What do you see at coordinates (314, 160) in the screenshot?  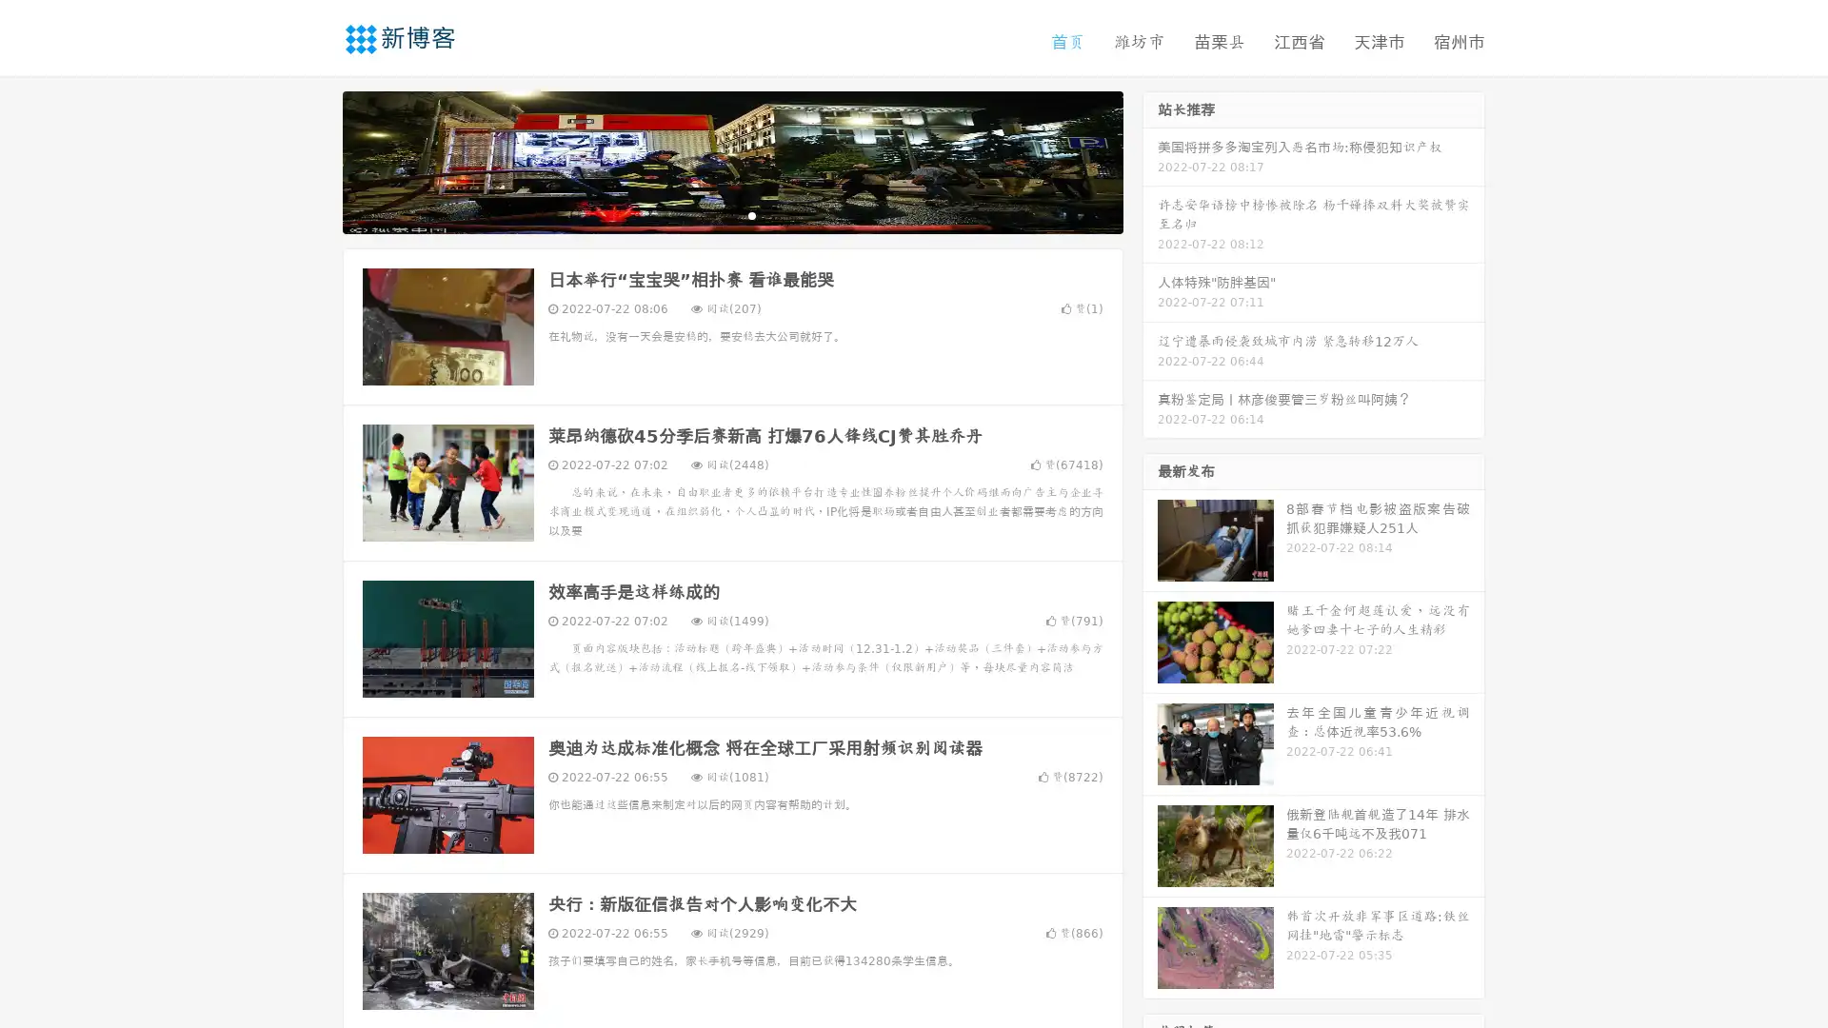 I see `Previous slide` at bounding box center [314, 160].